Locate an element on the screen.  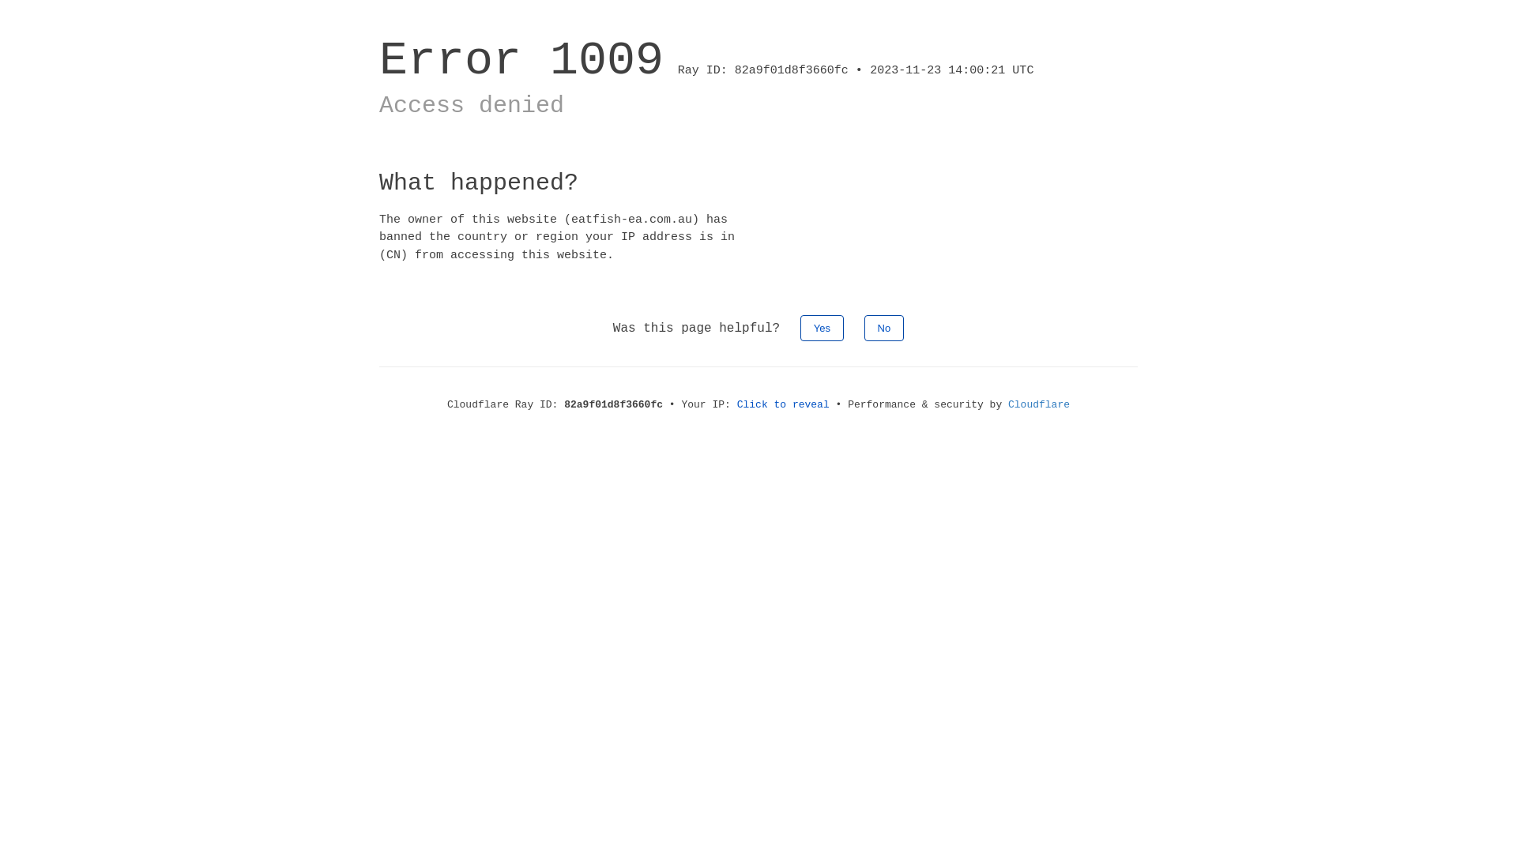
'No' is located at coordinates (883, 327).